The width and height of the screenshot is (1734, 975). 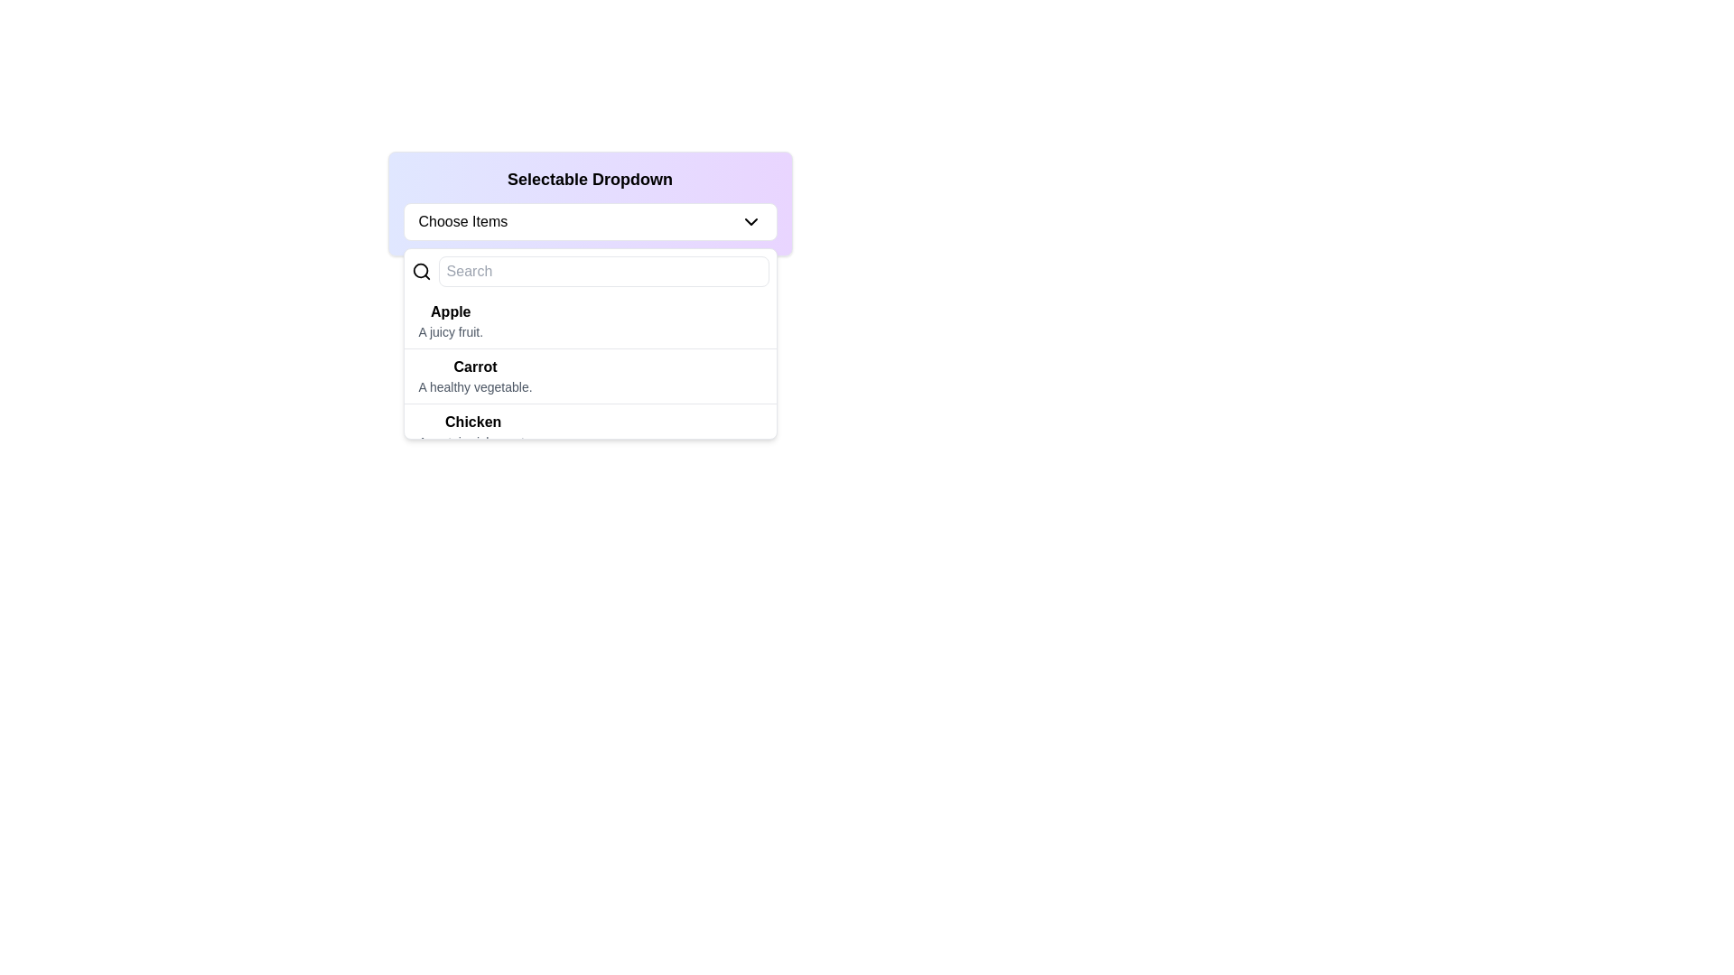 What do you see at coordinates (590, 320) in the screenshot?
I see `the dropdown item that describes 'Apple', which is the first item in the dropdown menu below the search bar` at bounding box center [590, 320].